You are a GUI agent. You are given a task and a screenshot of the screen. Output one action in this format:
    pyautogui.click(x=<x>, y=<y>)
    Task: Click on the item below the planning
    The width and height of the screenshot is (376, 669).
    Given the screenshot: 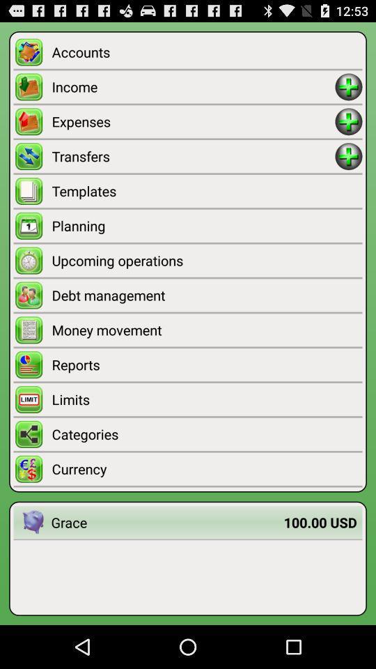 What is the action you would take?
    pyautogui.click(x=206, y=259)
    